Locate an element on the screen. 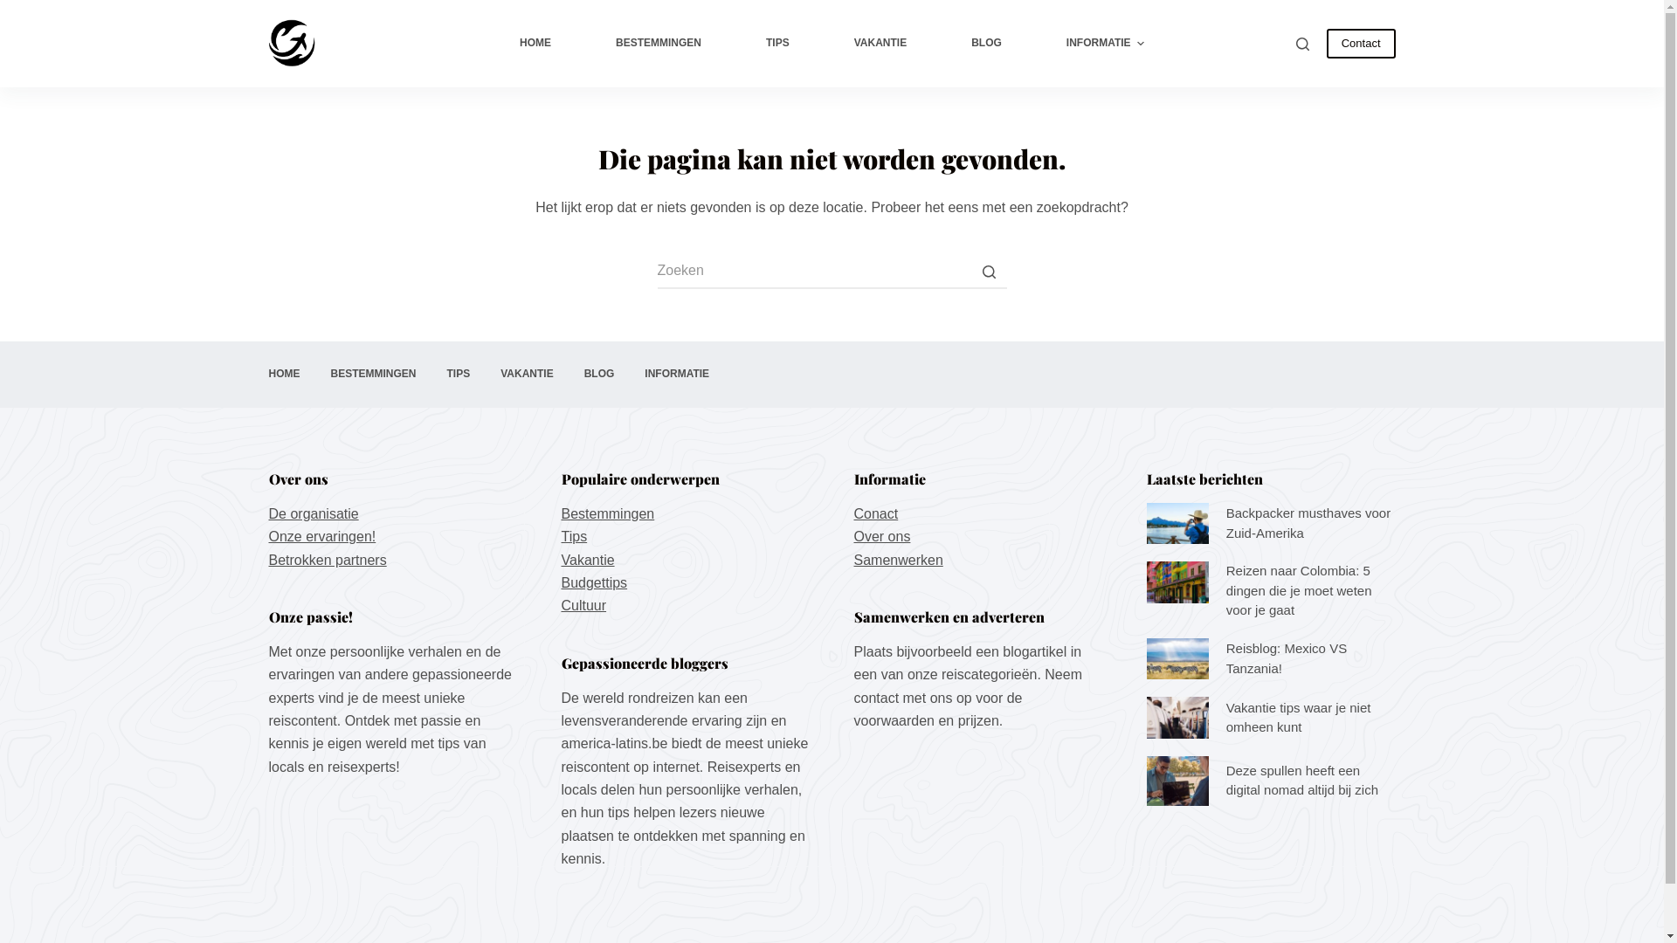  'BESTEMMINGEN' is located at coordinates (657, 43).